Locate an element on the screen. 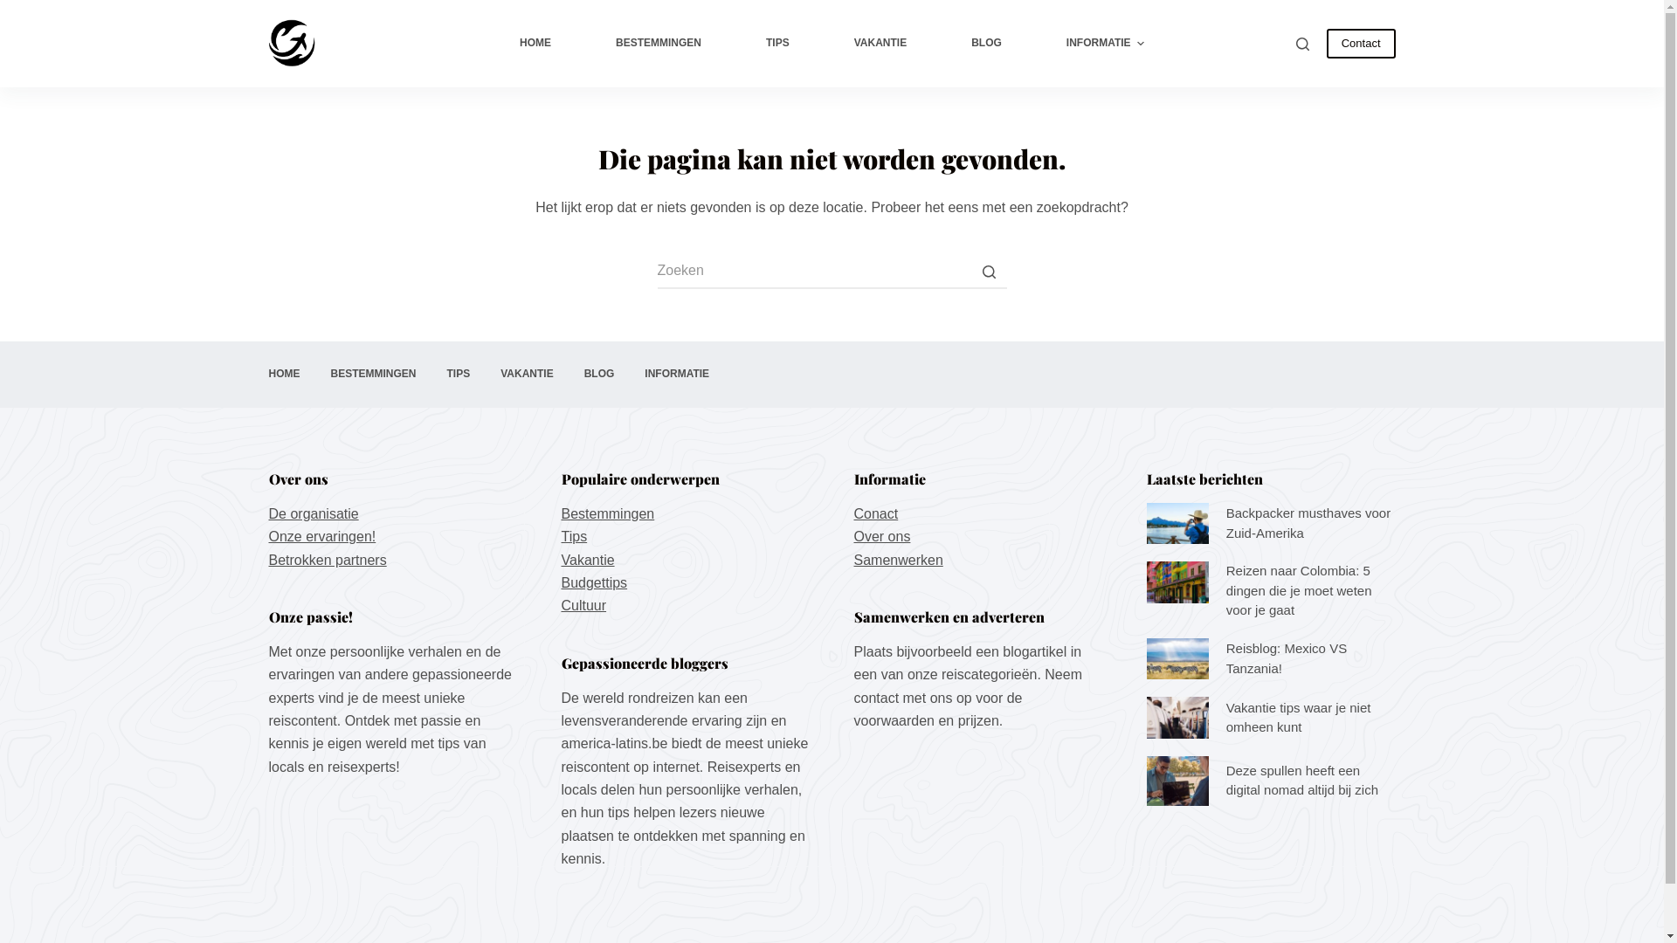  'BESTEMMINGEN' is located at coordinates (657, 43).